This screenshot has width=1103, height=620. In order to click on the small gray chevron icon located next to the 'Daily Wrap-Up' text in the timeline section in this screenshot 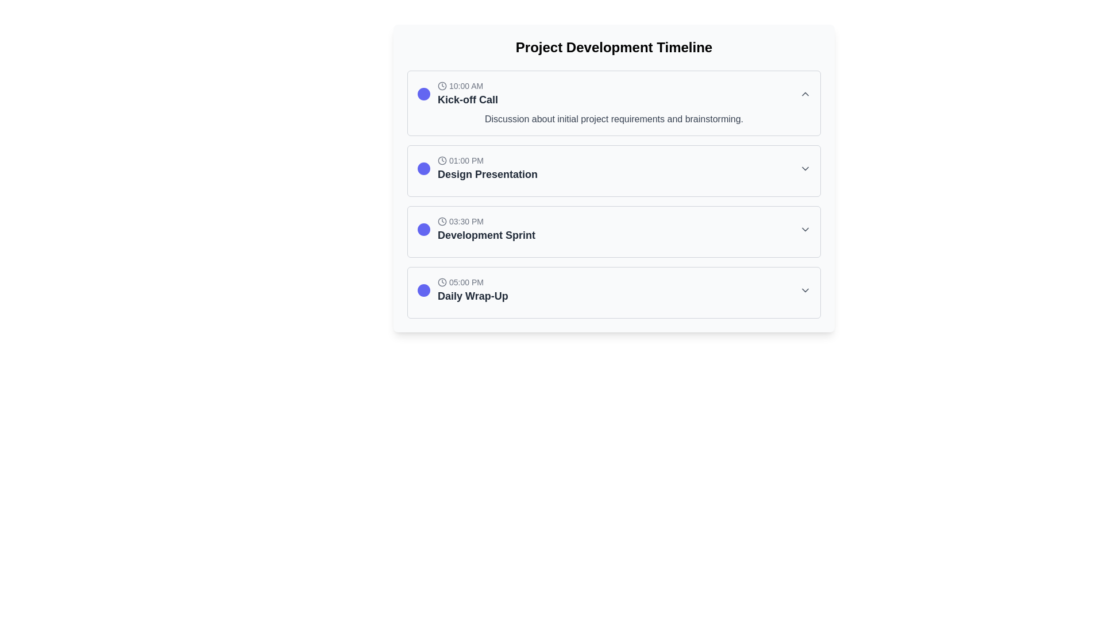, I will do `click(804, 289)`.